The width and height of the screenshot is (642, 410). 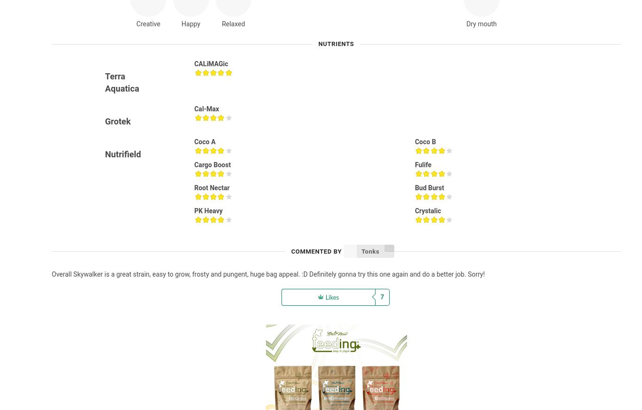 I want to click on 'Creative', so click(x=148, y=23).